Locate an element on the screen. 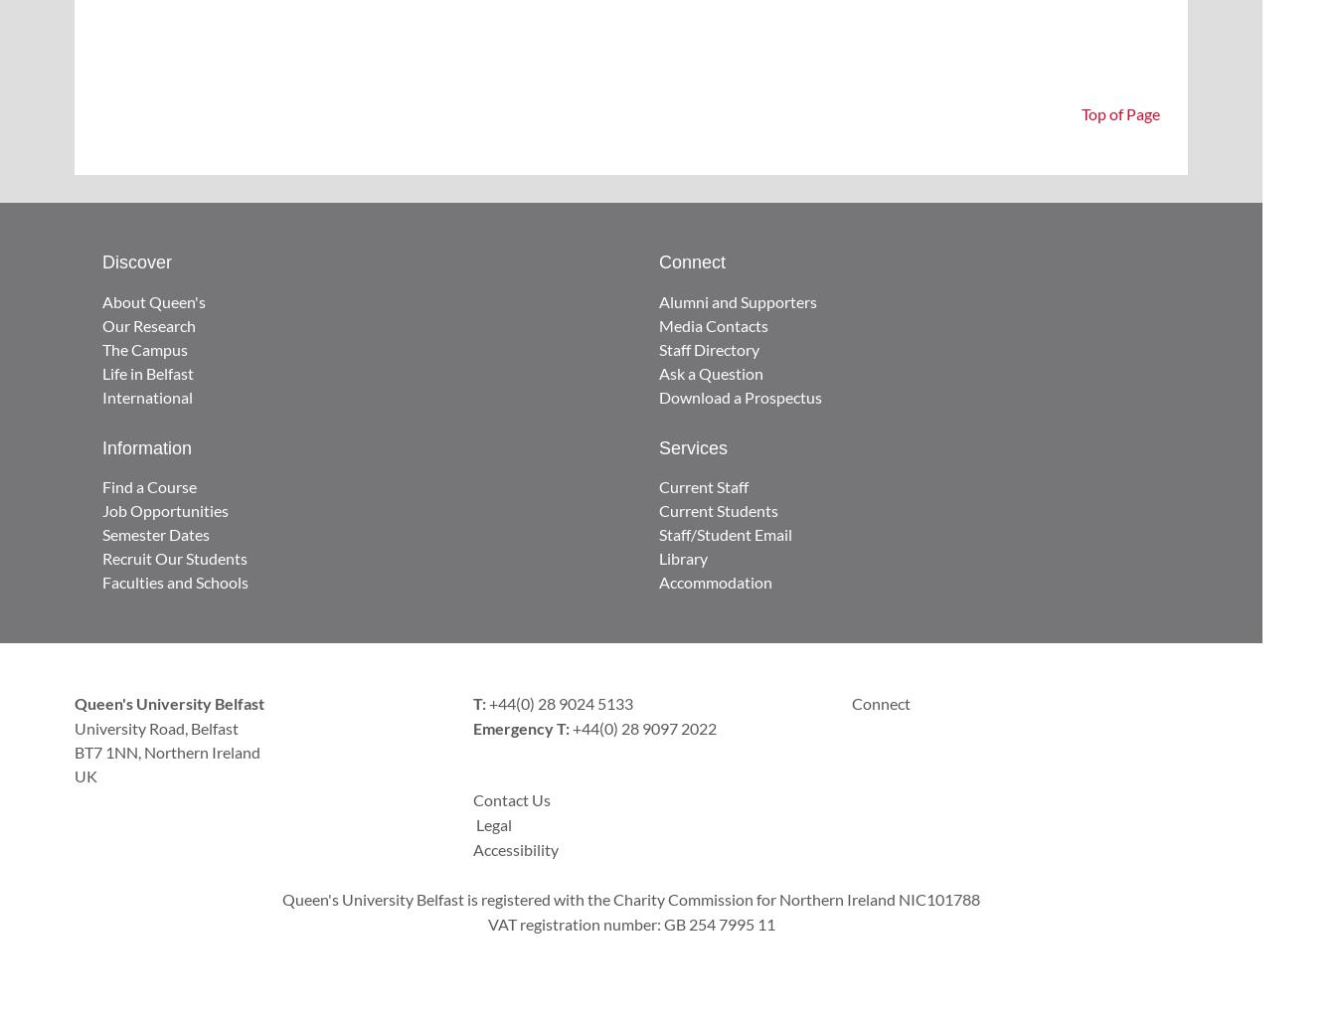 The width and height of the screenshot is (1342, 1026). 'VAT registration number: GB 254 7995 11' is located at coordinates (486, 923).